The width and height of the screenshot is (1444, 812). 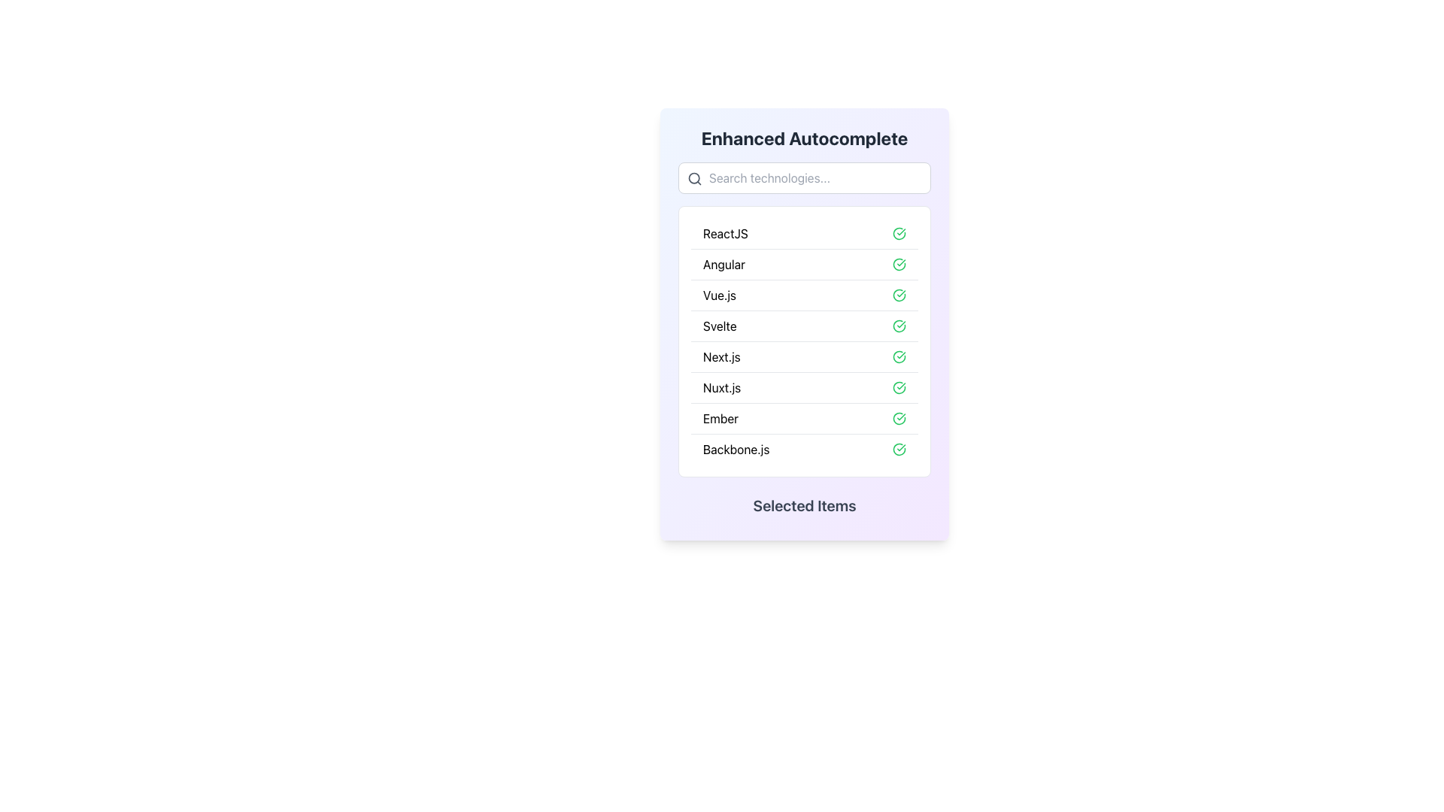 I want to click on the static text label that reads 'Selected Items', which is styled in bold, large dark gray font at the bottom of the card with a gradient violet background, so click(x=804, y=505).